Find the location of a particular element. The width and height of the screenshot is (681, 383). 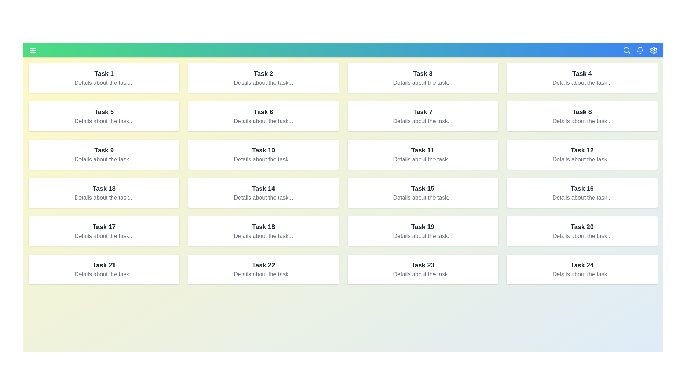

the bell icon to view notifications is located at coordinates (640, 50).